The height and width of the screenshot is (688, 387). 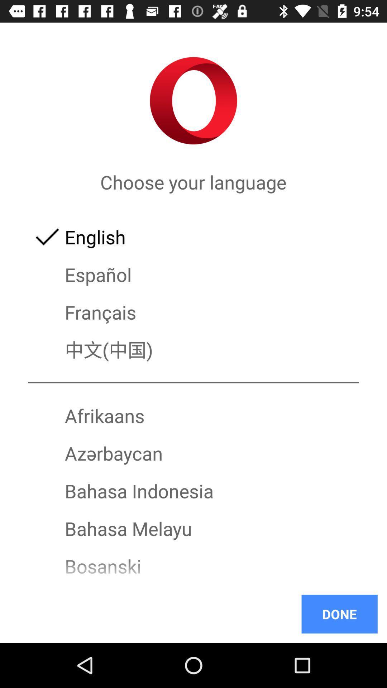 I want to click on the item below choose your language item, so click(x=193, y=237).